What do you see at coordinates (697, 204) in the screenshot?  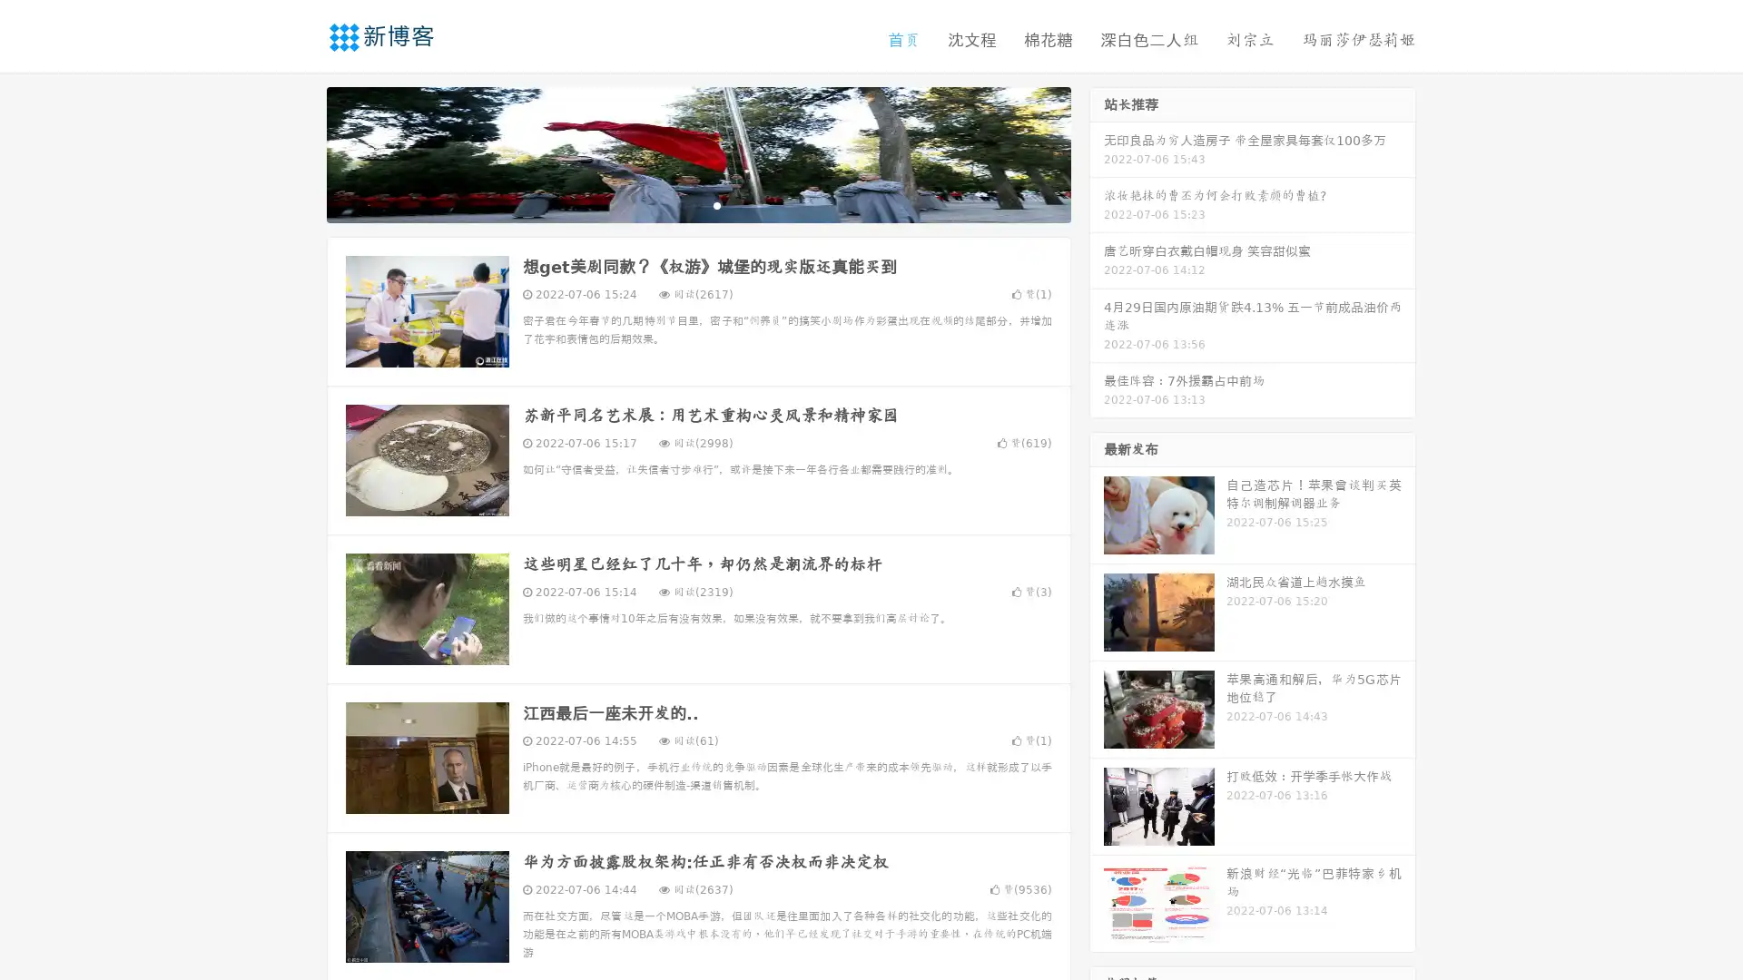 I see `Go to slide 2` at bounding box center [697, 204].